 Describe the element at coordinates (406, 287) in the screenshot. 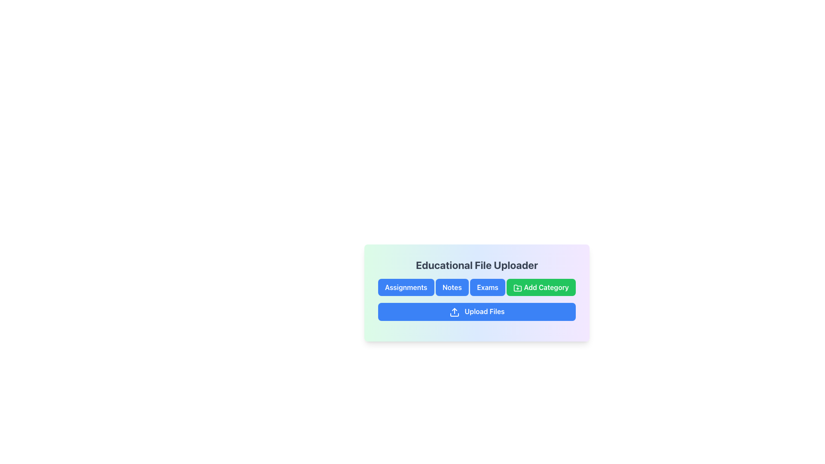

I see `the blue button labeled 'Assignments' located in the top left of the toolbar` at that location.